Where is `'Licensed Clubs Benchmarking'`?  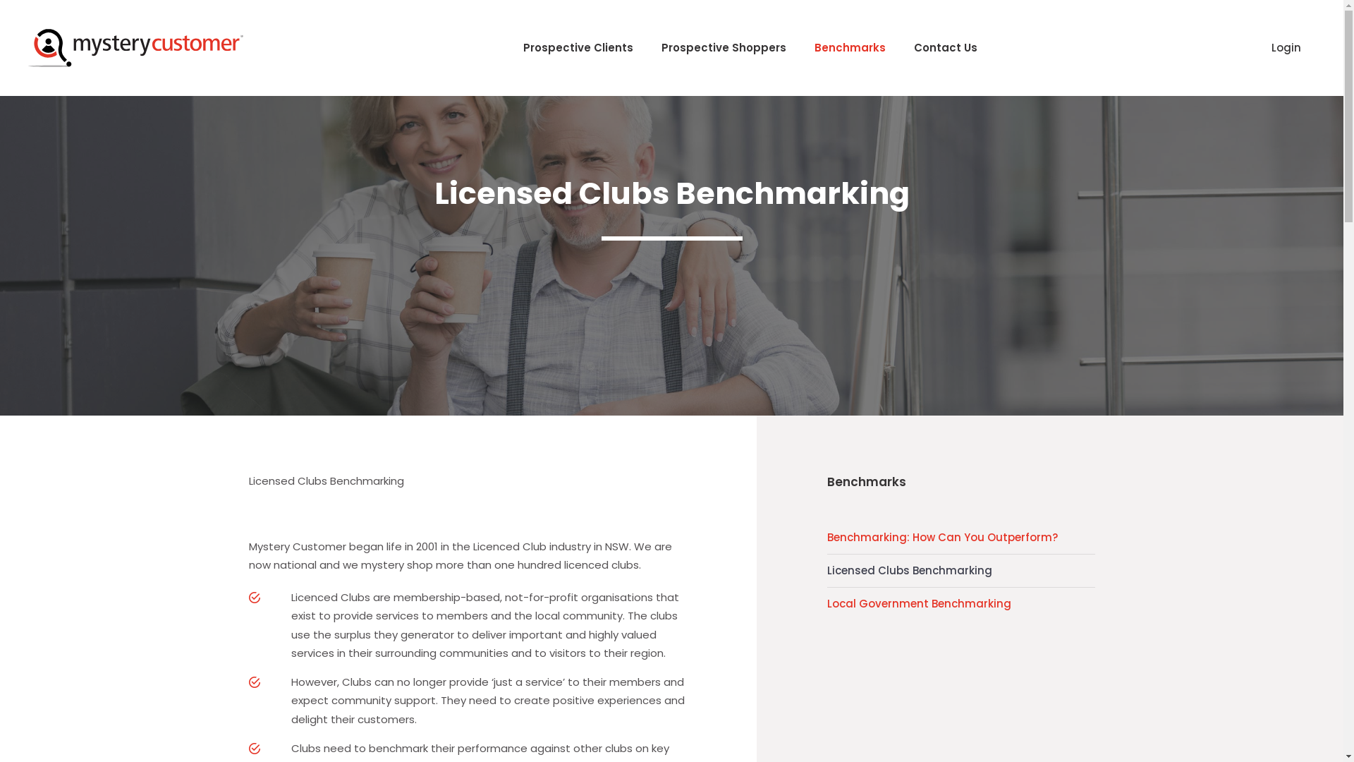 'Licensed Clubs Benchmarking' is located at coordinates (826, 570).